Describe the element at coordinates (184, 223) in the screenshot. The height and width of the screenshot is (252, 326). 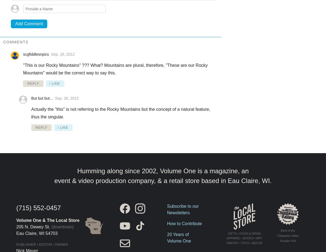
I see `'How to Contribute'` at that location.